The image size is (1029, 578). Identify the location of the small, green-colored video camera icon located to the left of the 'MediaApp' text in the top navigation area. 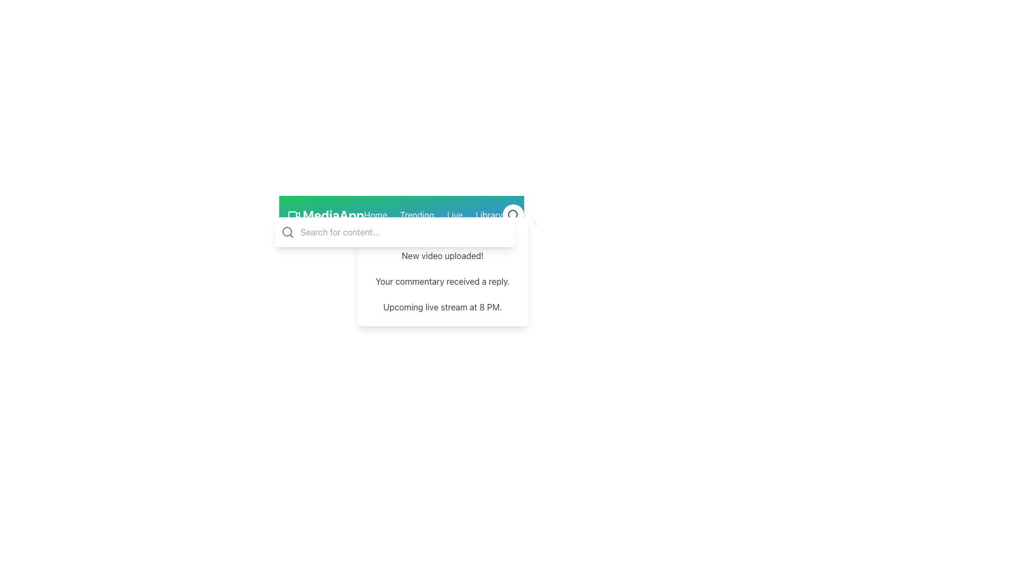
(294, 215).